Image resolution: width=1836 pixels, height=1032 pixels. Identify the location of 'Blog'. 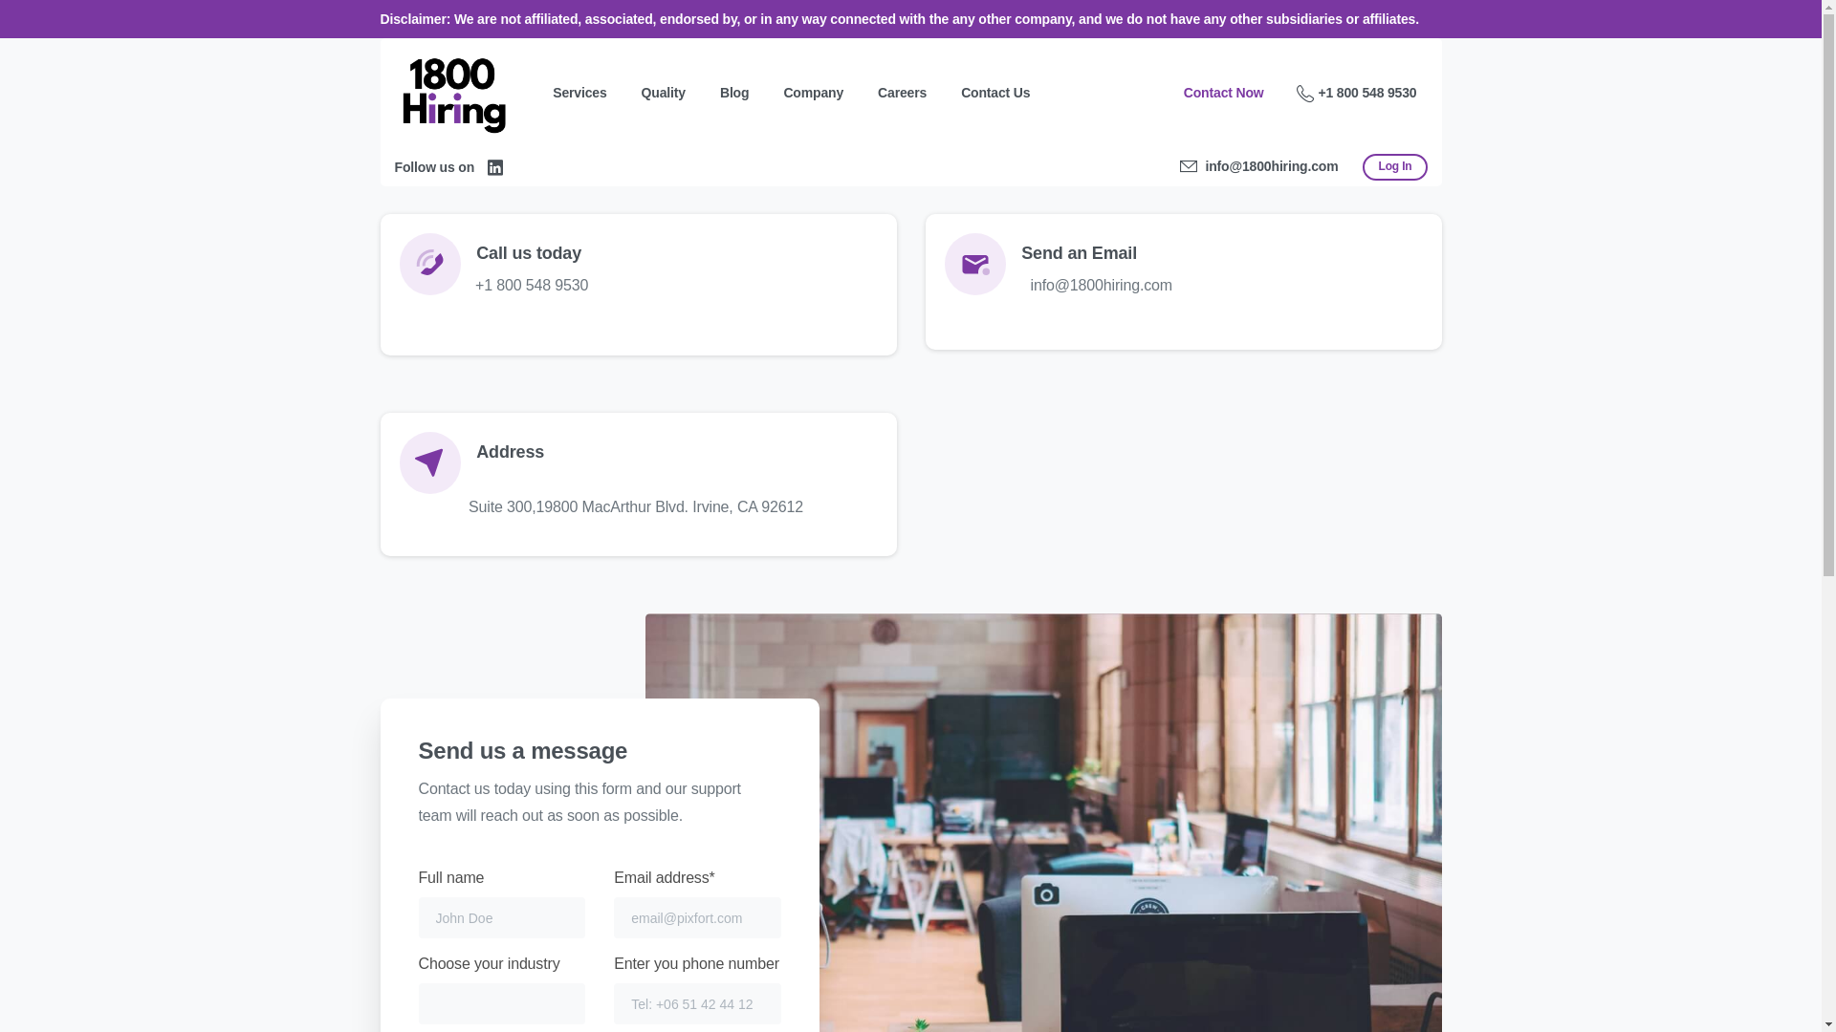
(733, 93).